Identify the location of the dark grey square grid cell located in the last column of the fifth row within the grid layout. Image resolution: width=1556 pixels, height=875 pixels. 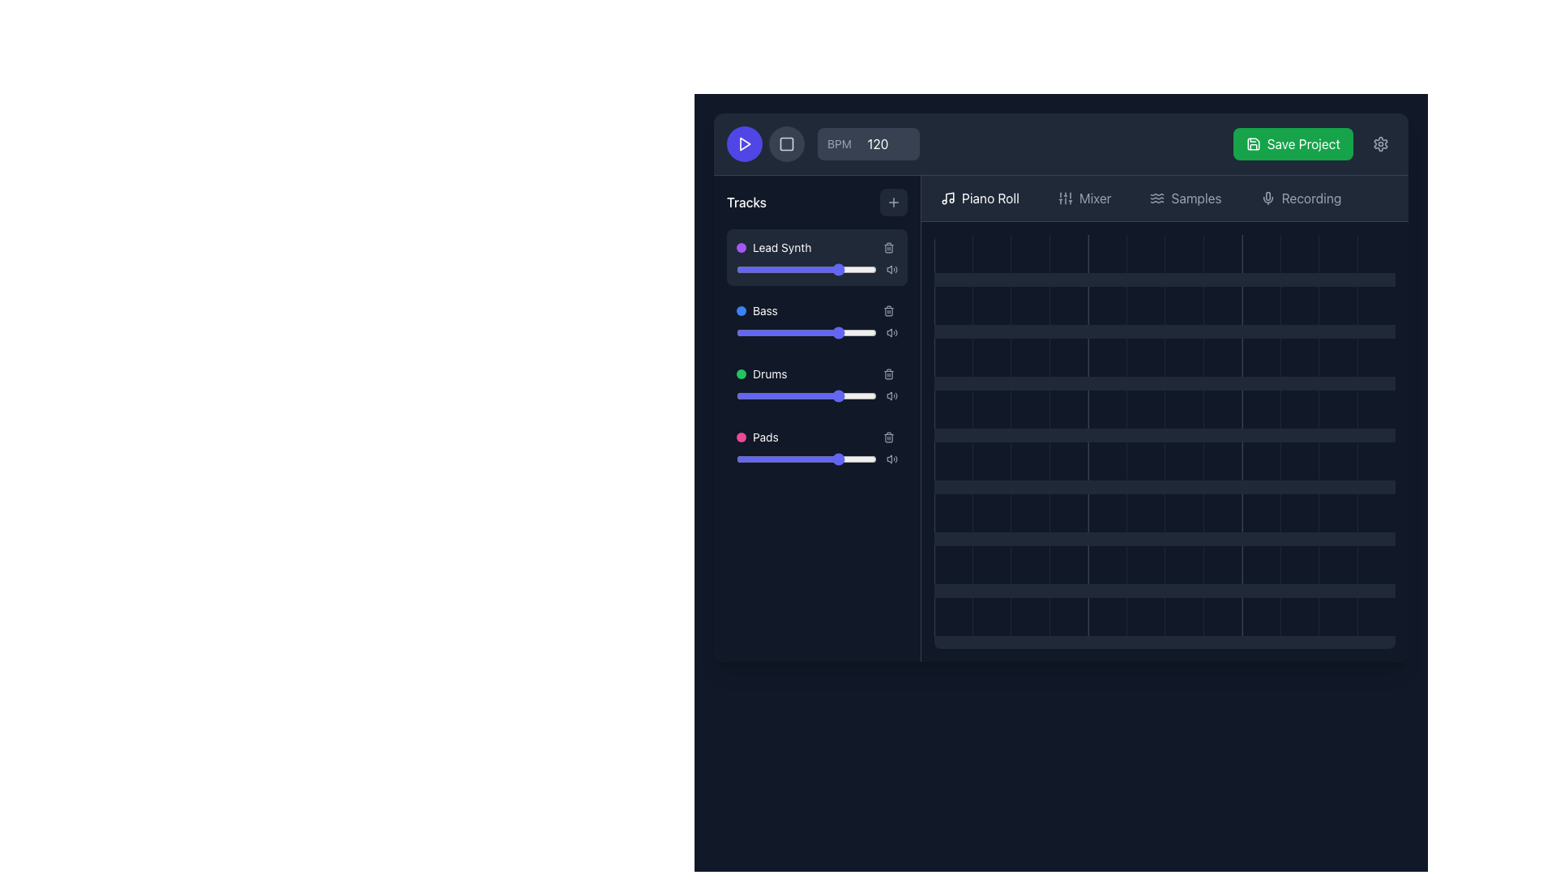
(1375, 461).